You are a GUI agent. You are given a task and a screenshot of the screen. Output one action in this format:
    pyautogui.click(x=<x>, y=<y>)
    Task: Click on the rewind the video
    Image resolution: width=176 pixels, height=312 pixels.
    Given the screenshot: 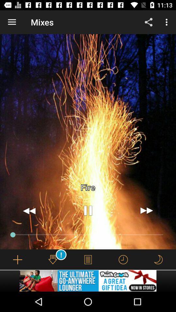 What is the action you would take?
    pyautogui.click(x=29, y=210)
    